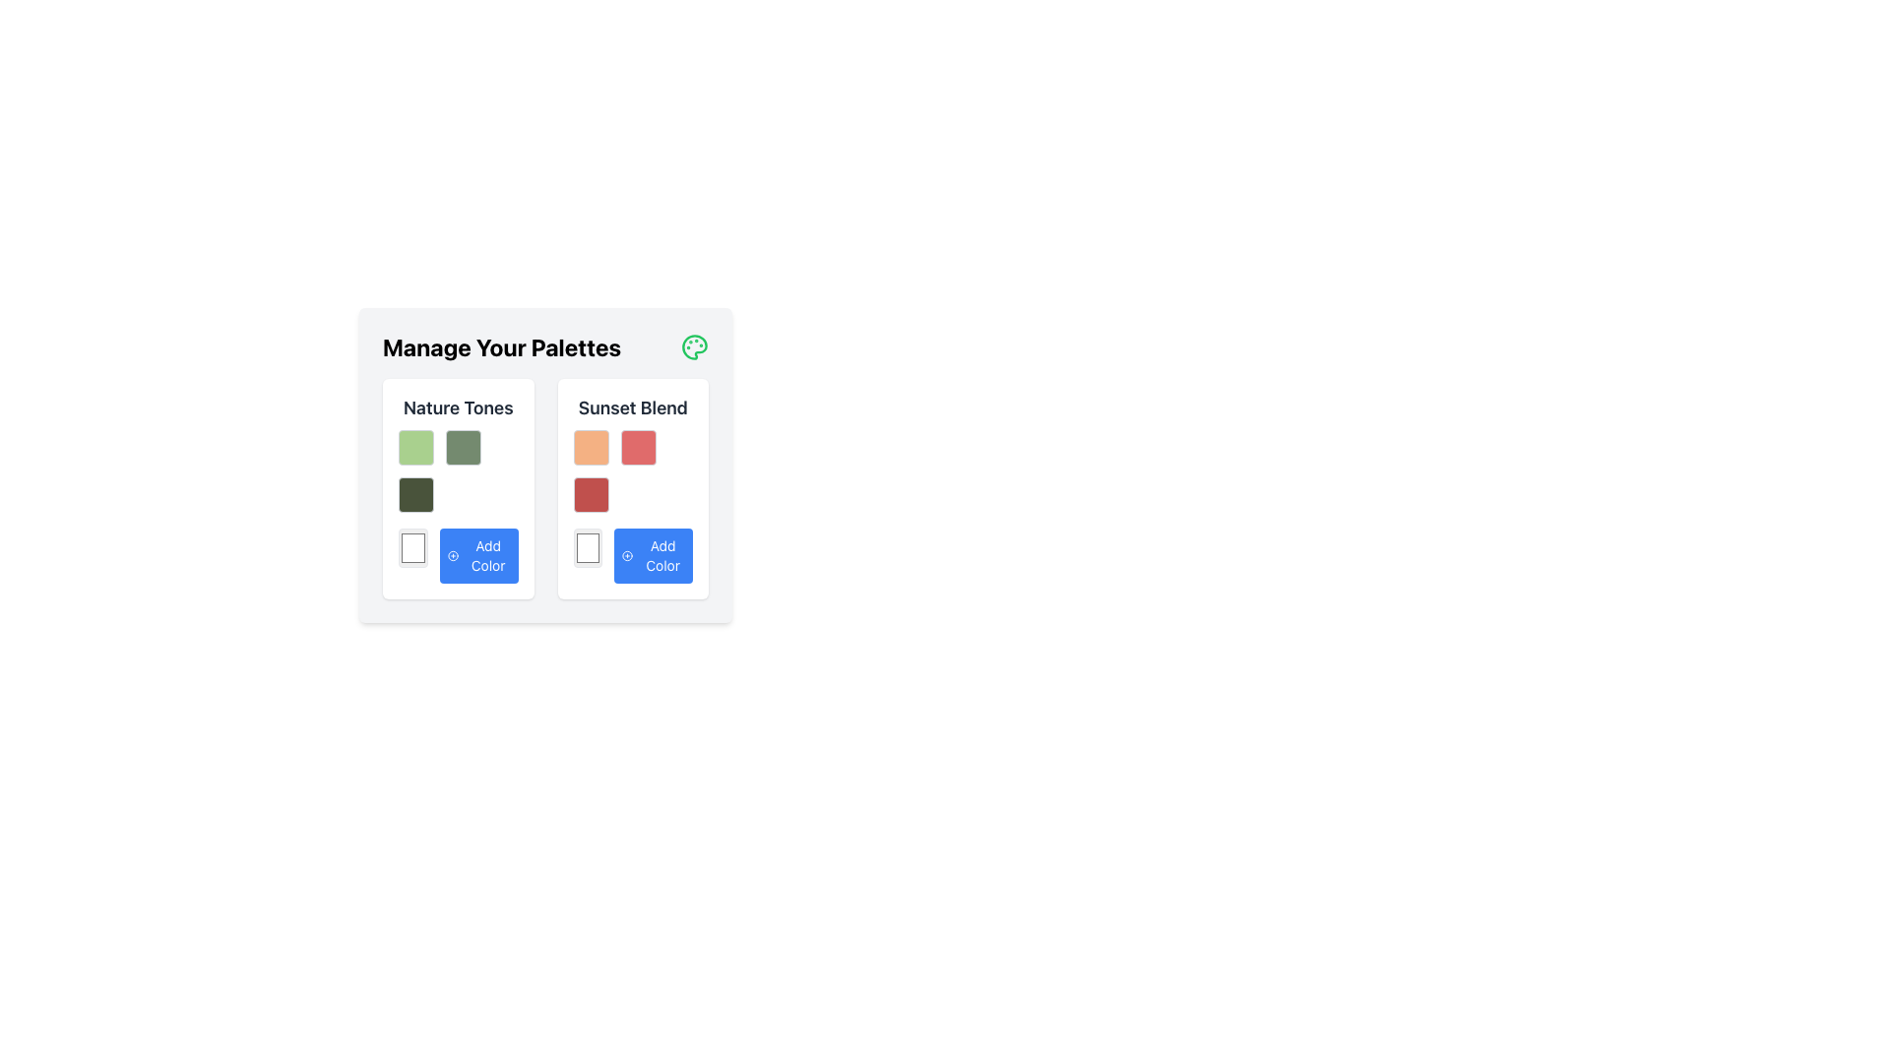  What do you see at coordinates (590, 493) in the screenshot?
I see `to select the solid red color tile, which is the third element in the vertical sequence within the 'Sunset Blend' color palette` at bounding box center [590, 493].